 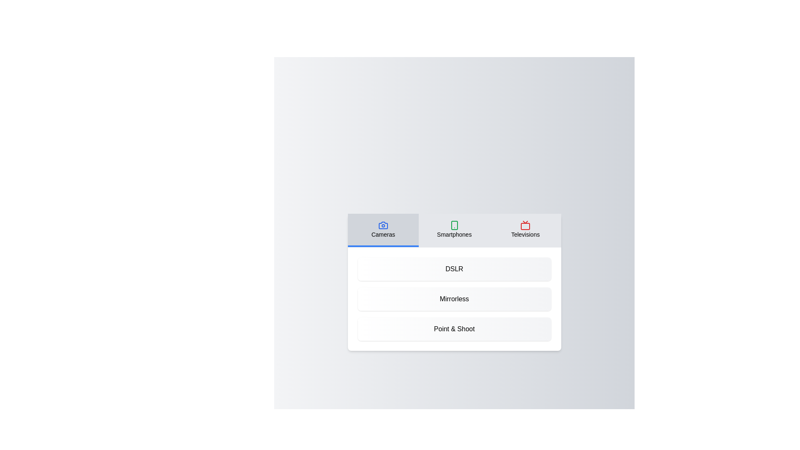 What do you see at coordinates (454, 328) in the screenshot?
I see `the product 'Point & Shoot' from the displayed list` at bounding box center [454, 328].